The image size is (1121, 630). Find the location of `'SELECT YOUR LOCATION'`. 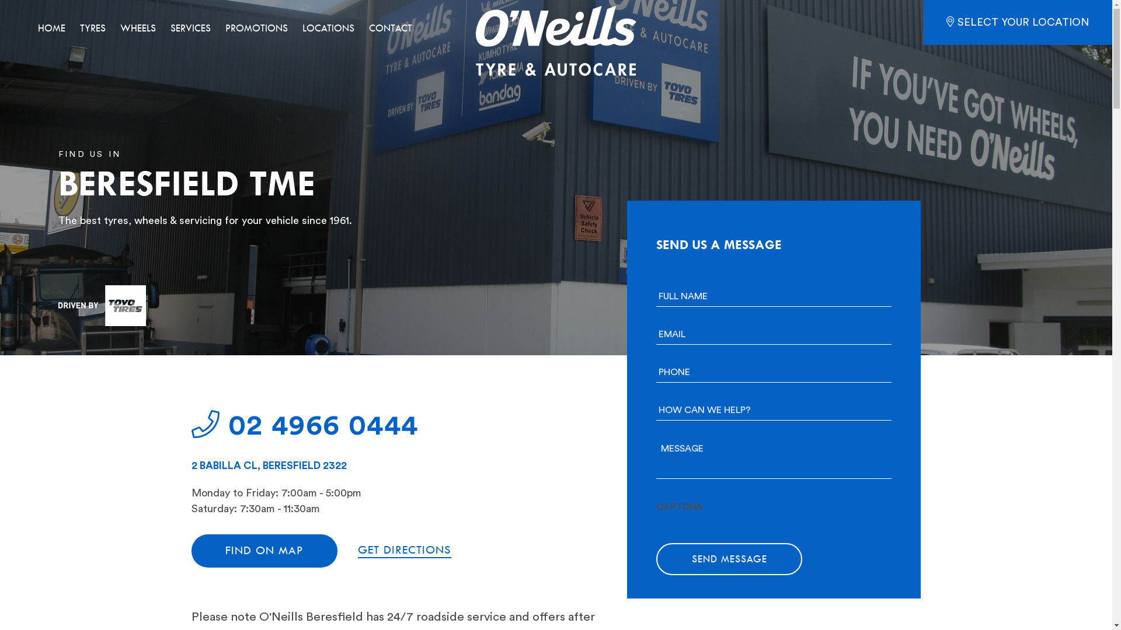

'SELECT YOUR LOCATION' is located at coordinates (1016, 22).